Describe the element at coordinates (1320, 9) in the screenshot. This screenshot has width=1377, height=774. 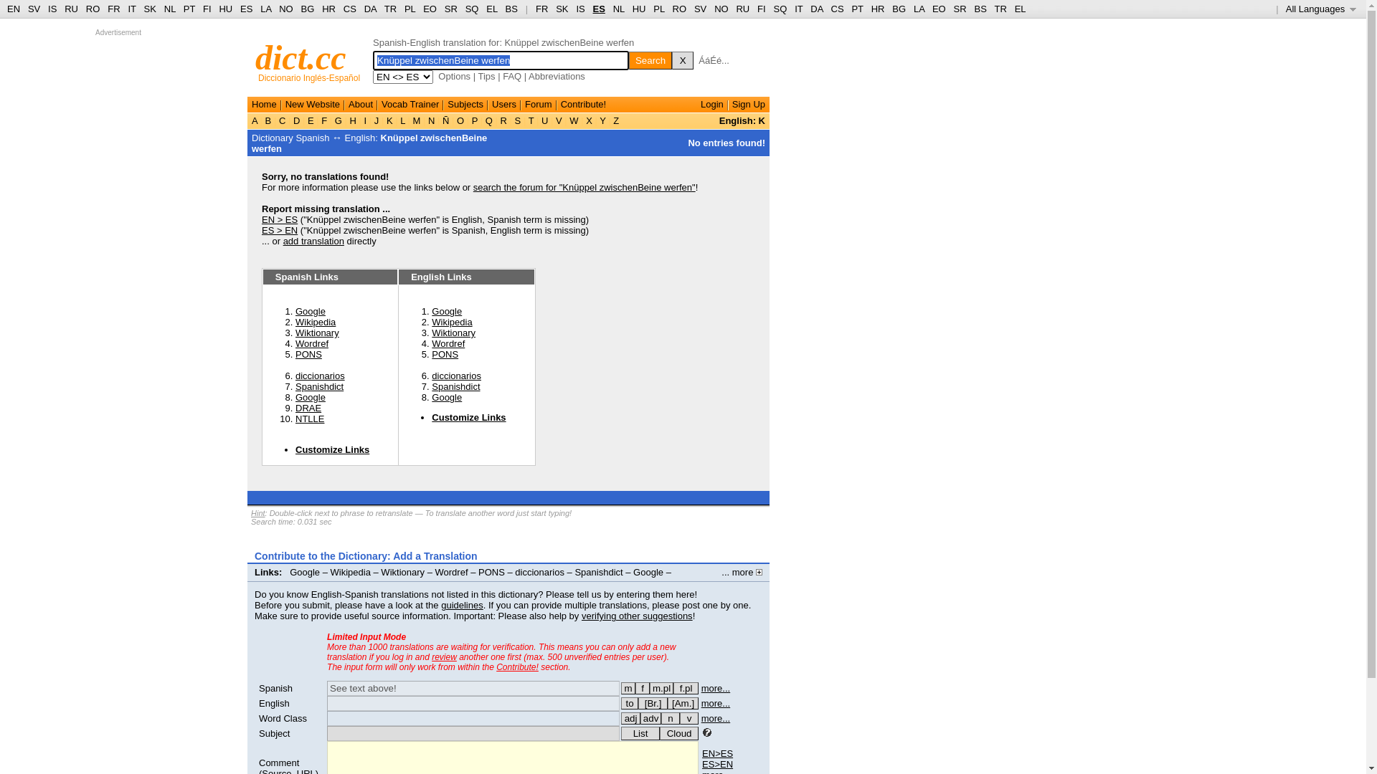
I see `'All Languages '` at that location.